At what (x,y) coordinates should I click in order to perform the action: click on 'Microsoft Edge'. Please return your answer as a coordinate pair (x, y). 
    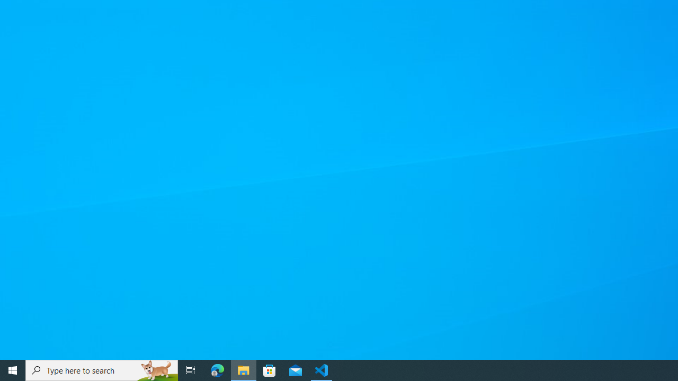
    Looking at the image, I should click on (217, 369).